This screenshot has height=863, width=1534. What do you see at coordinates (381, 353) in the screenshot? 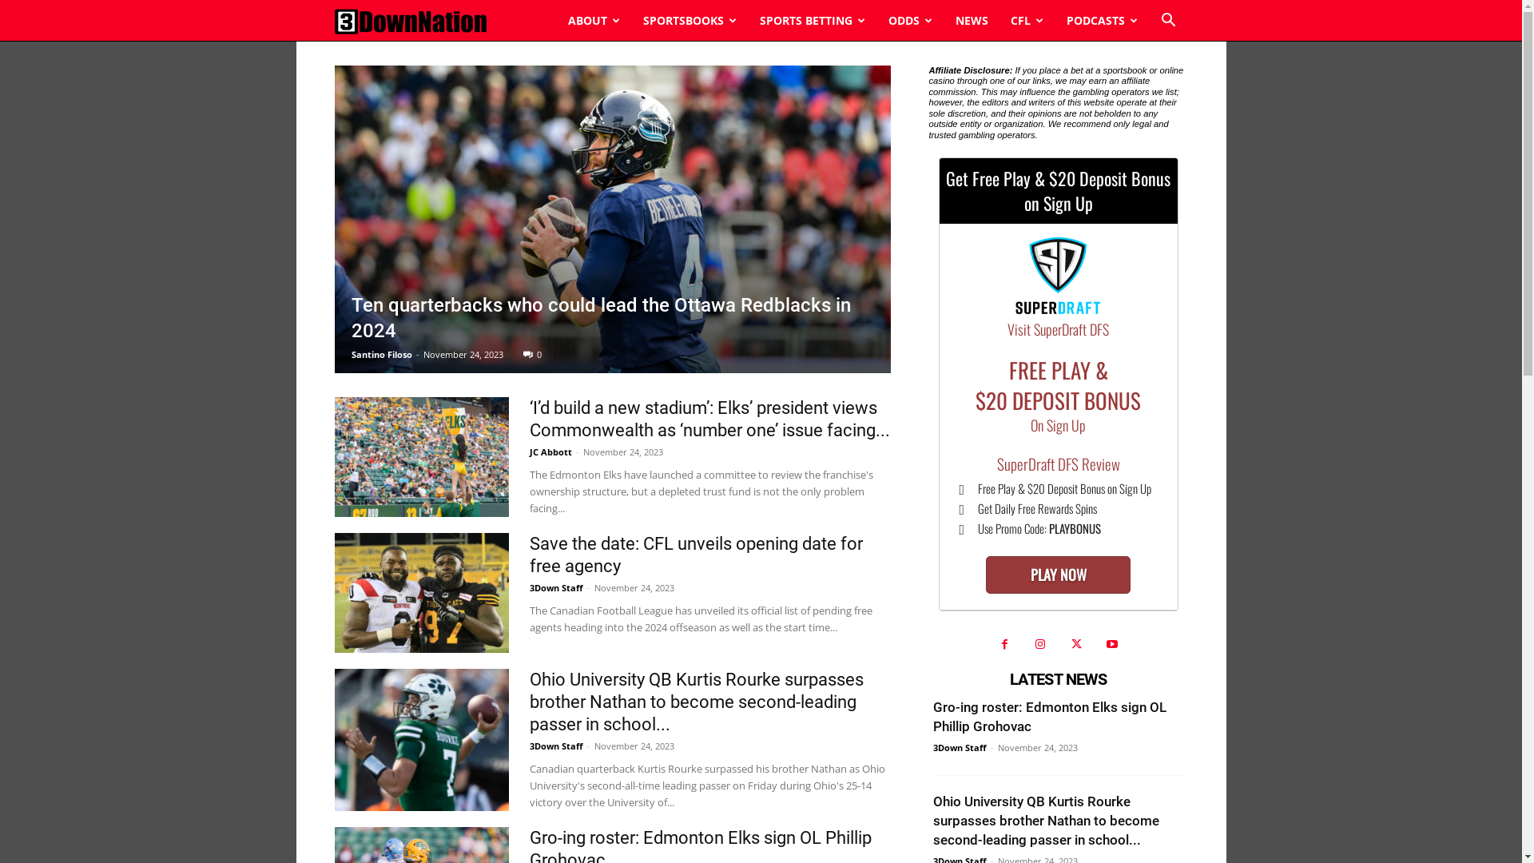
I see `'Santino Filoso'` at bounding box center [381, 353].